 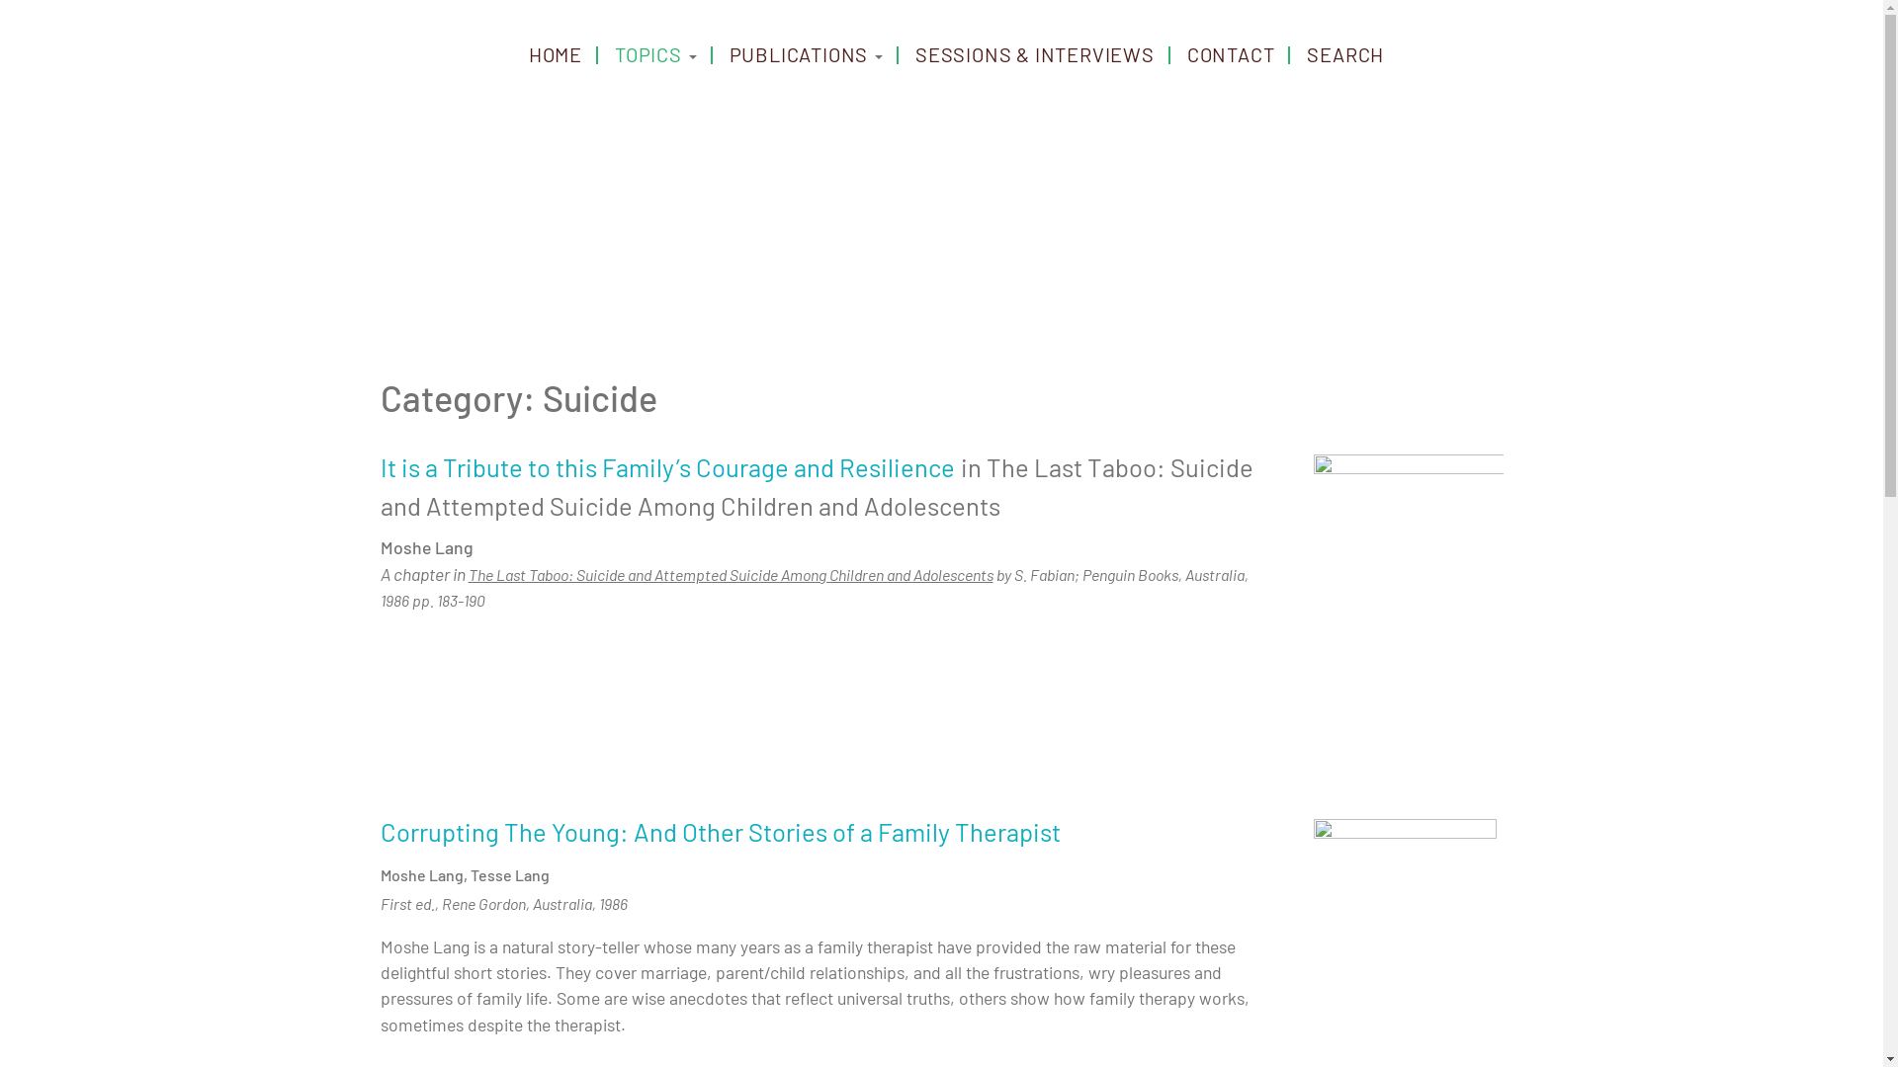 I want to click on 'TOPICS', so click(x=655, y=52).